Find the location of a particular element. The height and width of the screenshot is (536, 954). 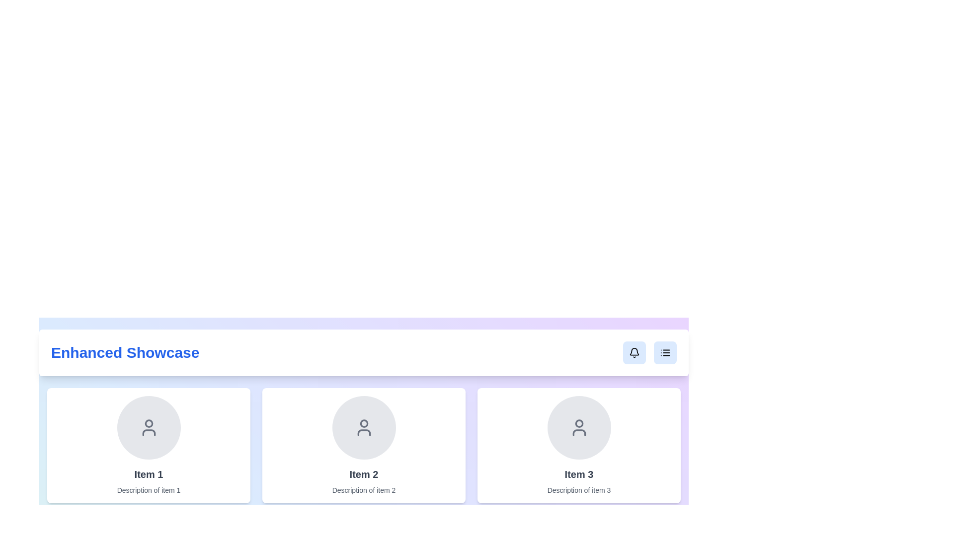

the text label displaying 'Description of item 1', which is located at the bottom of a card layout directly under the title 'Item 1' is located at coordinates (148, 489).